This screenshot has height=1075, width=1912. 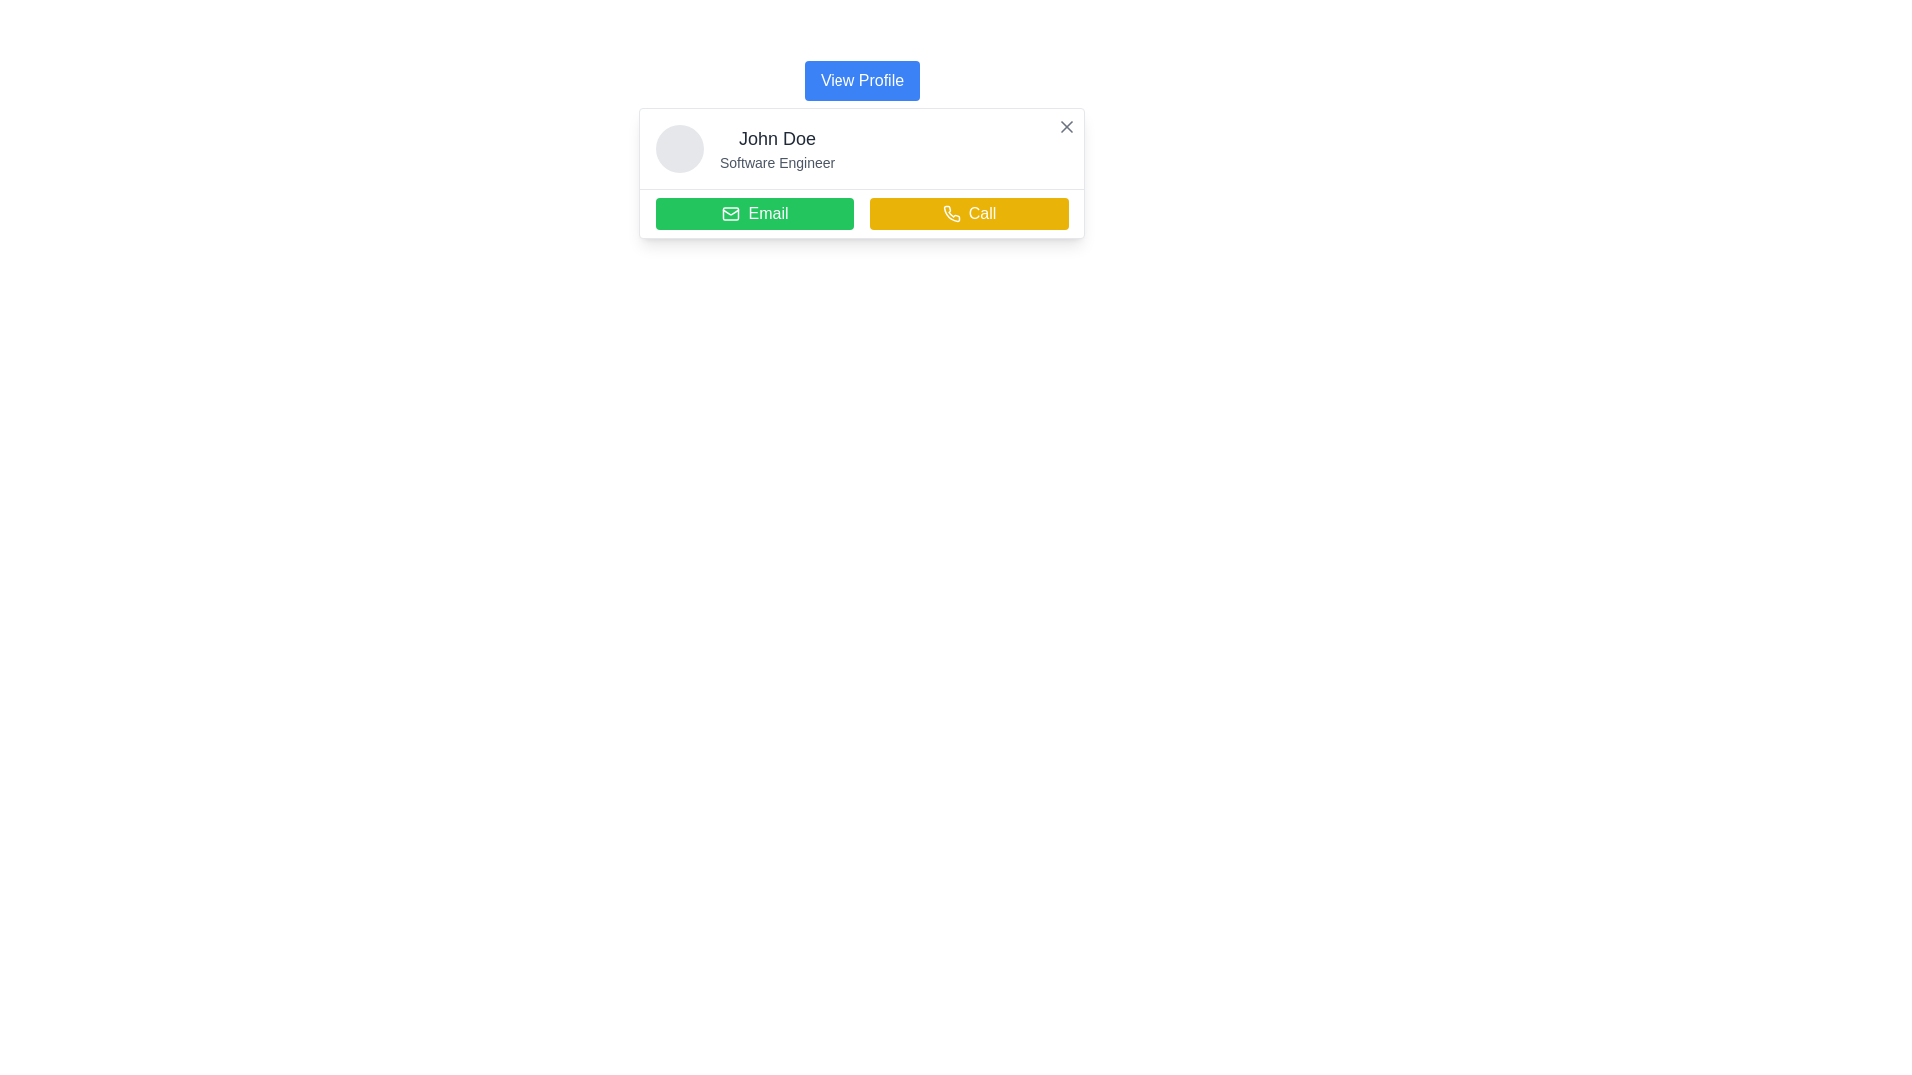 What do you see at coordinates (950, 213) in the screenshot?
I see `the phone icon located towards the right in a horizontal row of two buttons within the user profile card for accessibility interaction` at bounding box center [950, 213].